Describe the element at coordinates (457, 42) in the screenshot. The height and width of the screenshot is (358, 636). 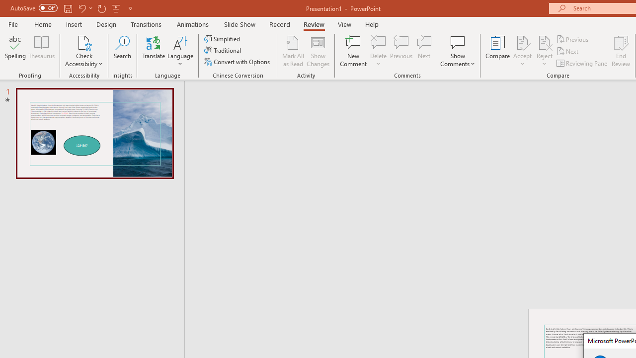
I see `'Show Comments'` at that location.